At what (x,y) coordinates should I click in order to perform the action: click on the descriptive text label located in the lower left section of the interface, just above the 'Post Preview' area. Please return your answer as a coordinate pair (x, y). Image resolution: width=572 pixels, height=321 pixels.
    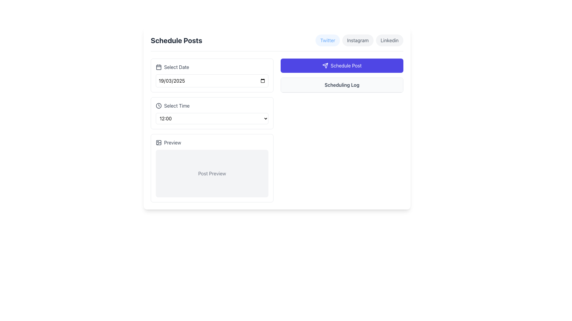
    Looking at the image, I should click on (172, 142).